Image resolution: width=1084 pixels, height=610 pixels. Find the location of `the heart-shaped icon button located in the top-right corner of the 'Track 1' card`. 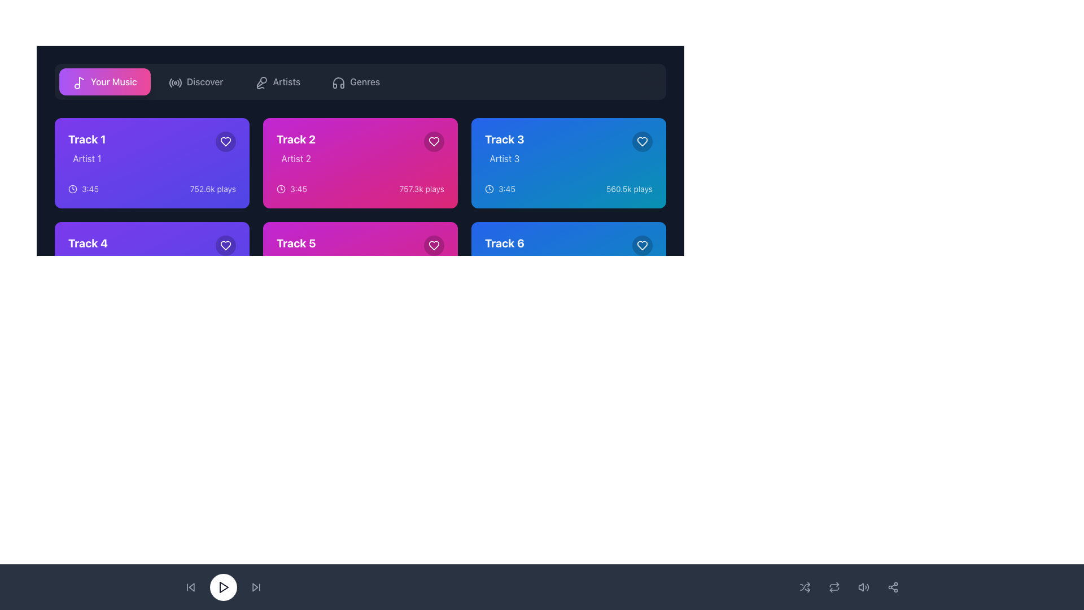

the heart-shaped icon button located in the top-right corner of the 'Track 1' card is located at coordinates (225, 245).